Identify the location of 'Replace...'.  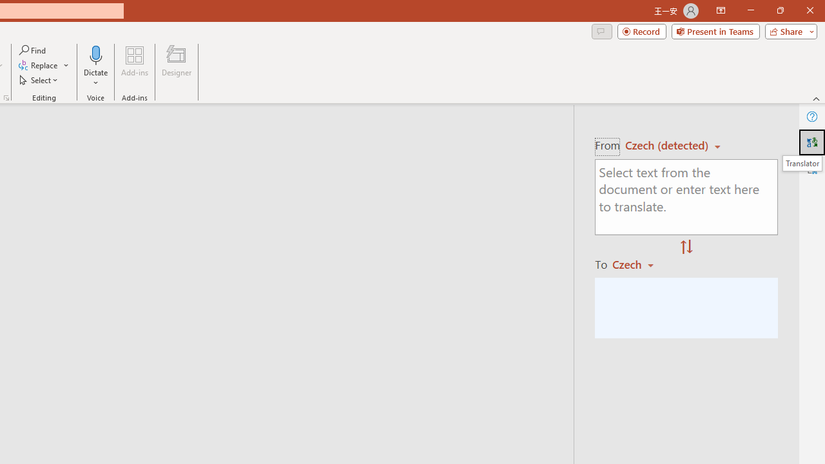
(39, 65).